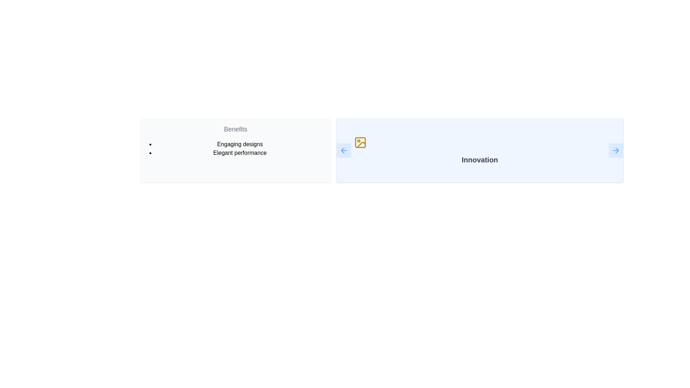 The height and width of the screenshot is (388, 690). Describe the element at coordinates (235, 141) in the screenshot. I see `the informational Text section outlining the key benefits of the product or service, located in the left section of a two-part layout with a 'Benefits' label above it` at that location.